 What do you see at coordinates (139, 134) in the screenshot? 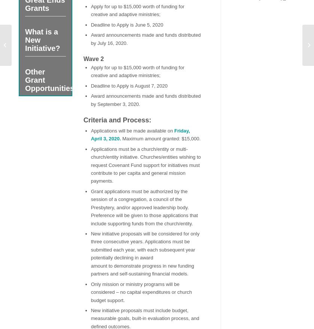
I see `'Friday, April 3, 2020.'` at bounding box center [139, 134].